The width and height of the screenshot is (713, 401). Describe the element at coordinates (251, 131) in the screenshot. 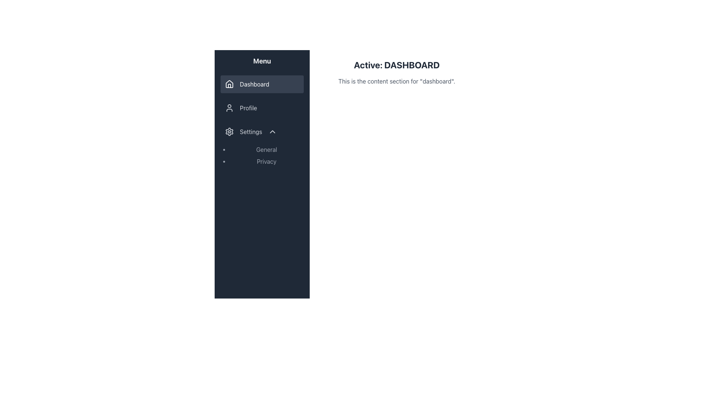

I see `the 'Settings' text label` at that location.